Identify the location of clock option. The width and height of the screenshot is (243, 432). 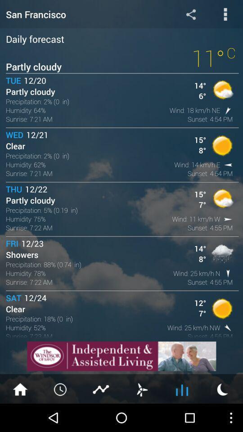
(61, 388).